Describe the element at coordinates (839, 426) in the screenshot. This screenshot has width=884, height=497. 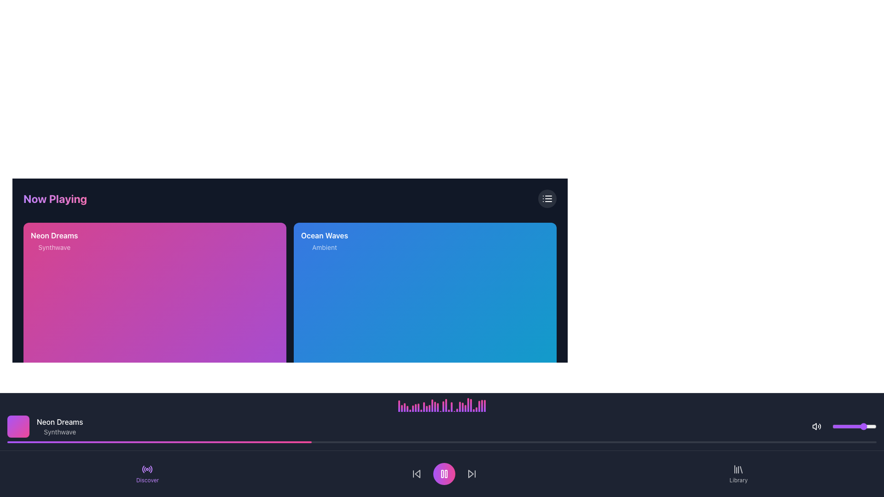
I see `the slider` at that location.